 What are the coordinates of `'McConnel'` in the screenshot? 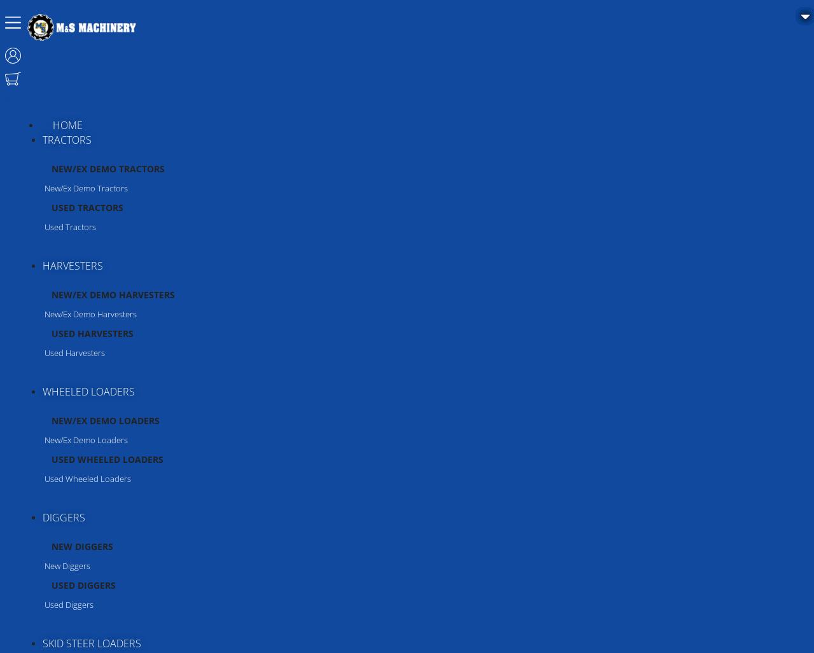 It's located at (64, 465).